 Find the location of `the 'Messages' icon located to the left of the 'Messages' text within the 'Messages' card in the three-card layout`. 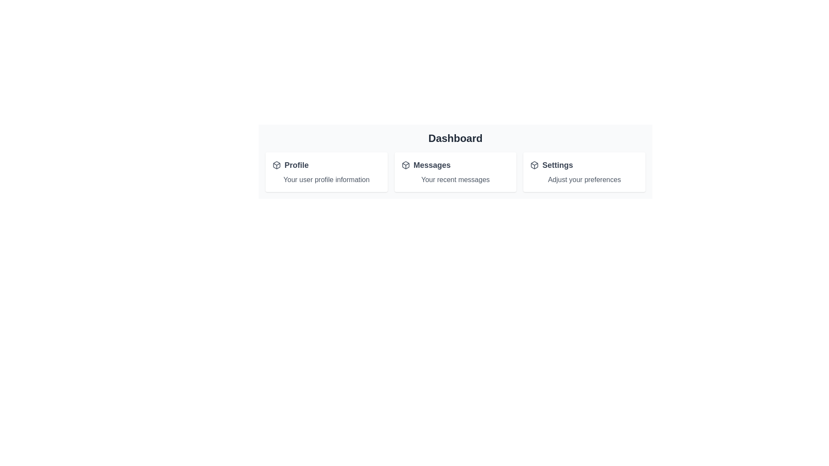

the 'Messages' icon located to the left of the 'Messages' text within the 'Messages' card in the three-card layout is located at coordinates (405, 165).